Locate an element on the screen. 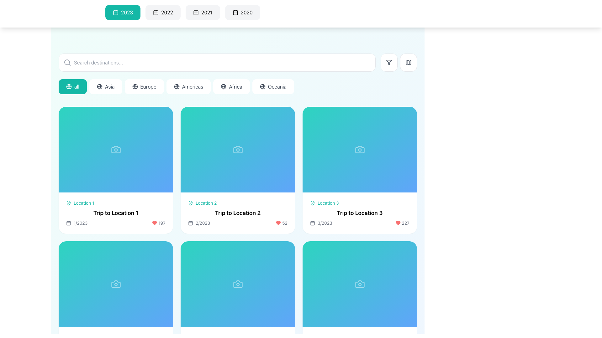  to interact with the button in the button group containing circular buttons with icons, located near the top-right corner of the card labeled 'Trip to Location 2' is located at coordinates (277, 117).